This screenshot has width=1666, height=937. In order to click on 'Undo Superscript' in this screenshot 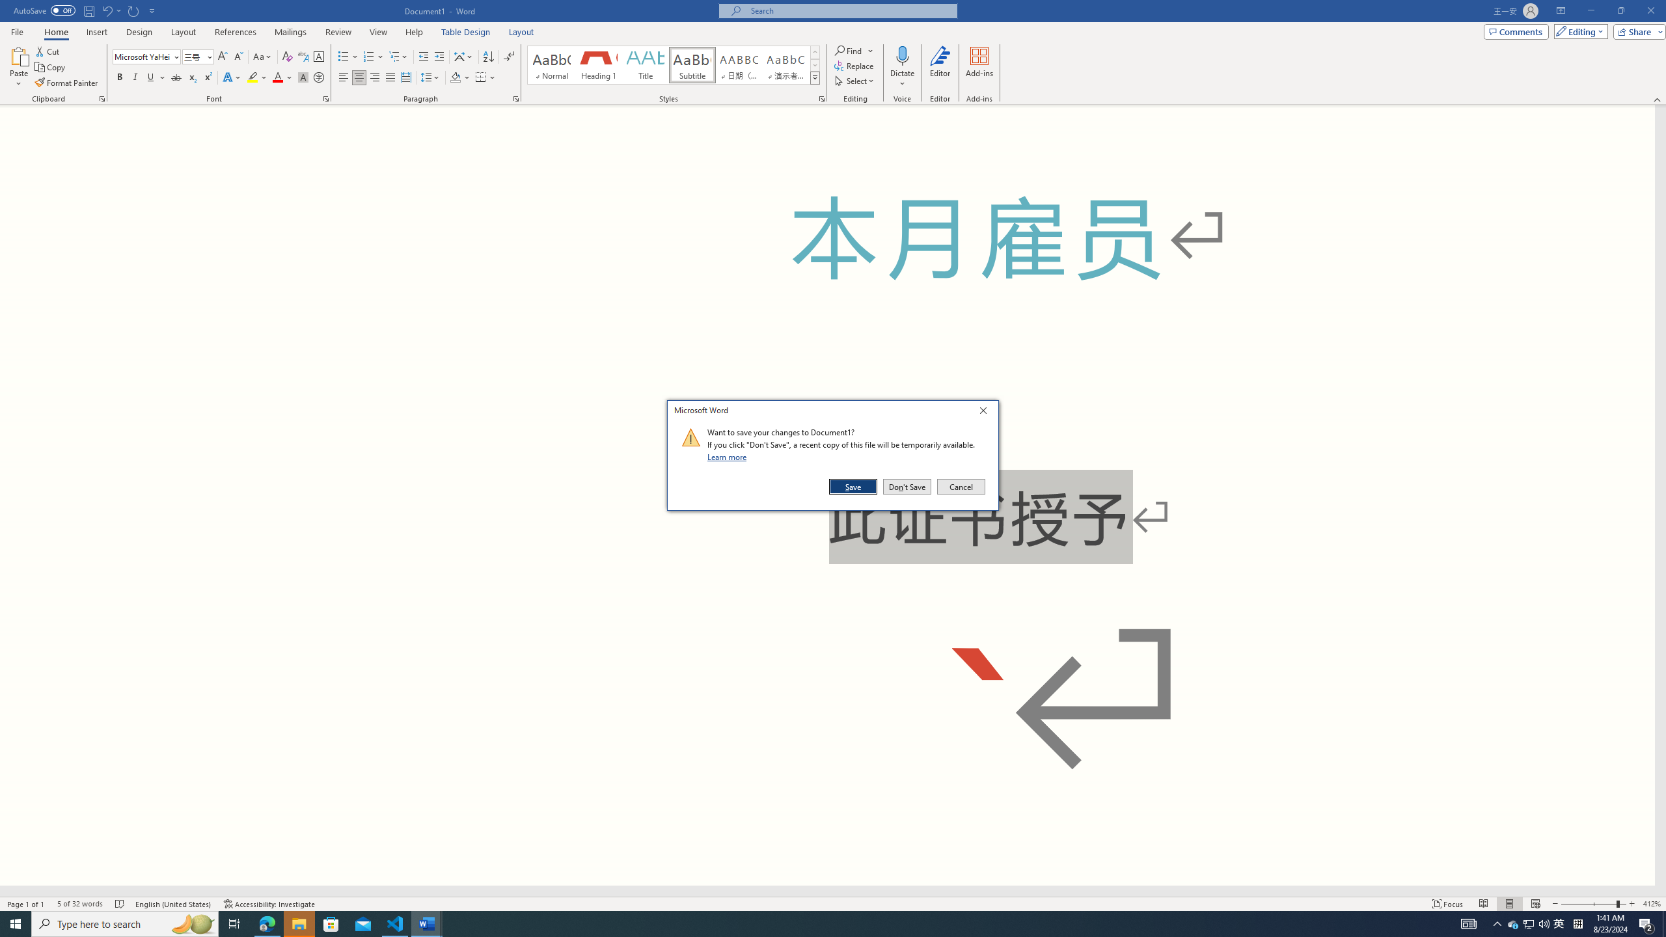, I will do `click(111, 10)`.